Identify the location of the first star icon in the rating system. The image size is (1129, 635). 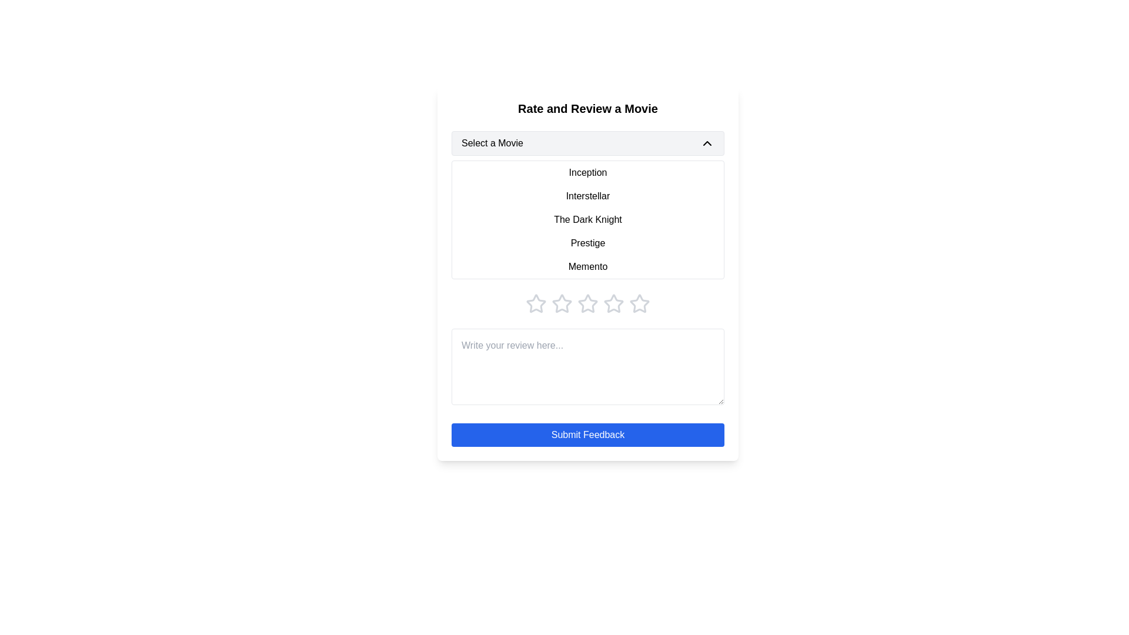
(536, 303).